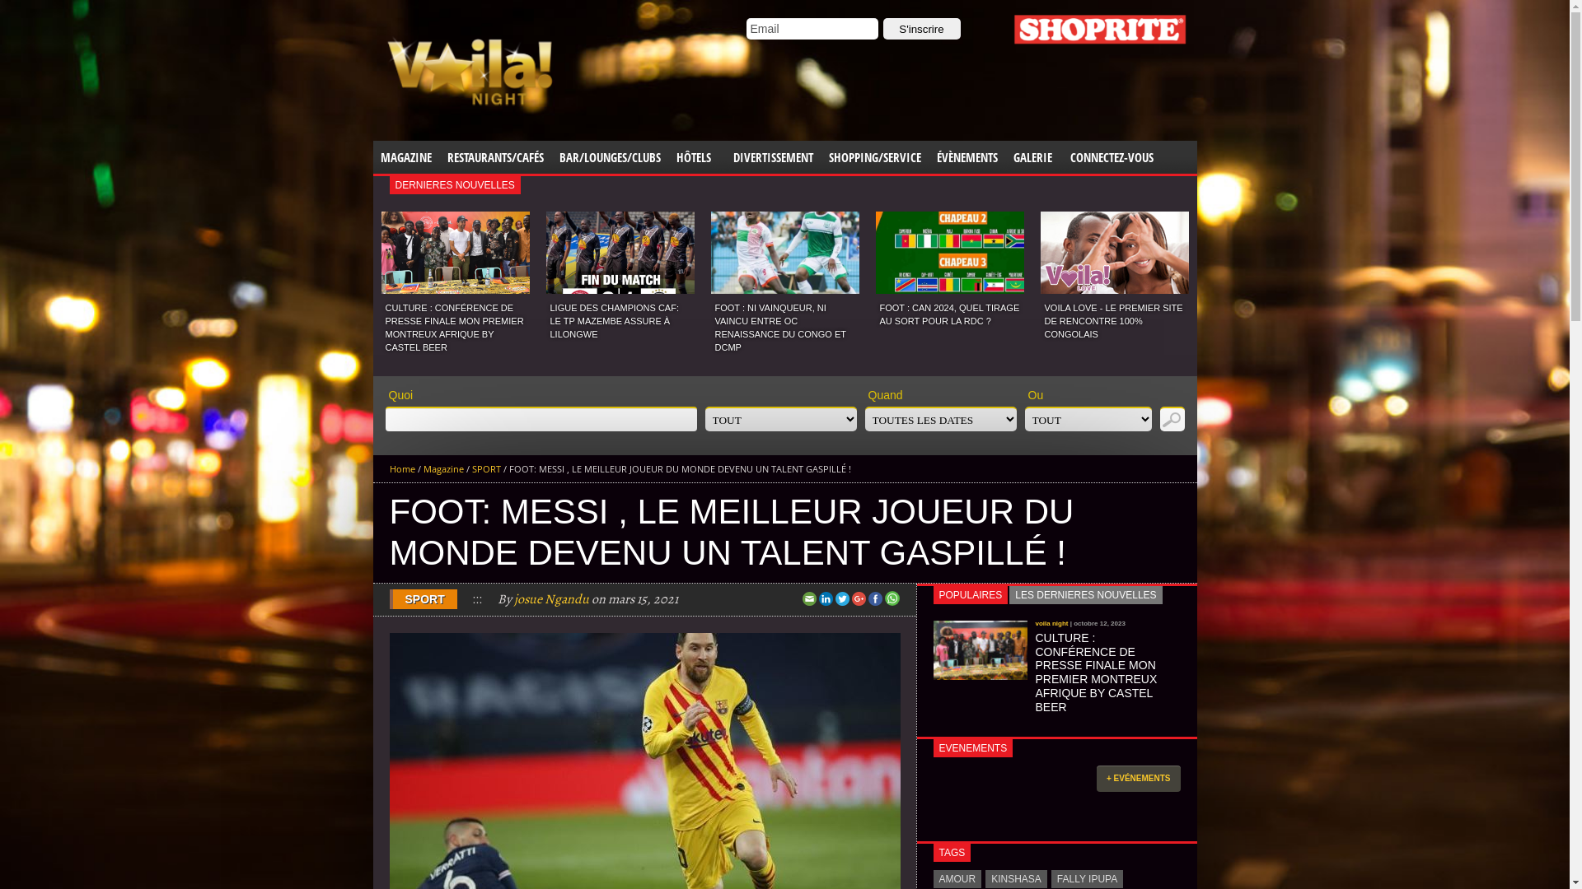  I want to click on 'BAR/LOUNGES/CLUBS', so click(609, 156).